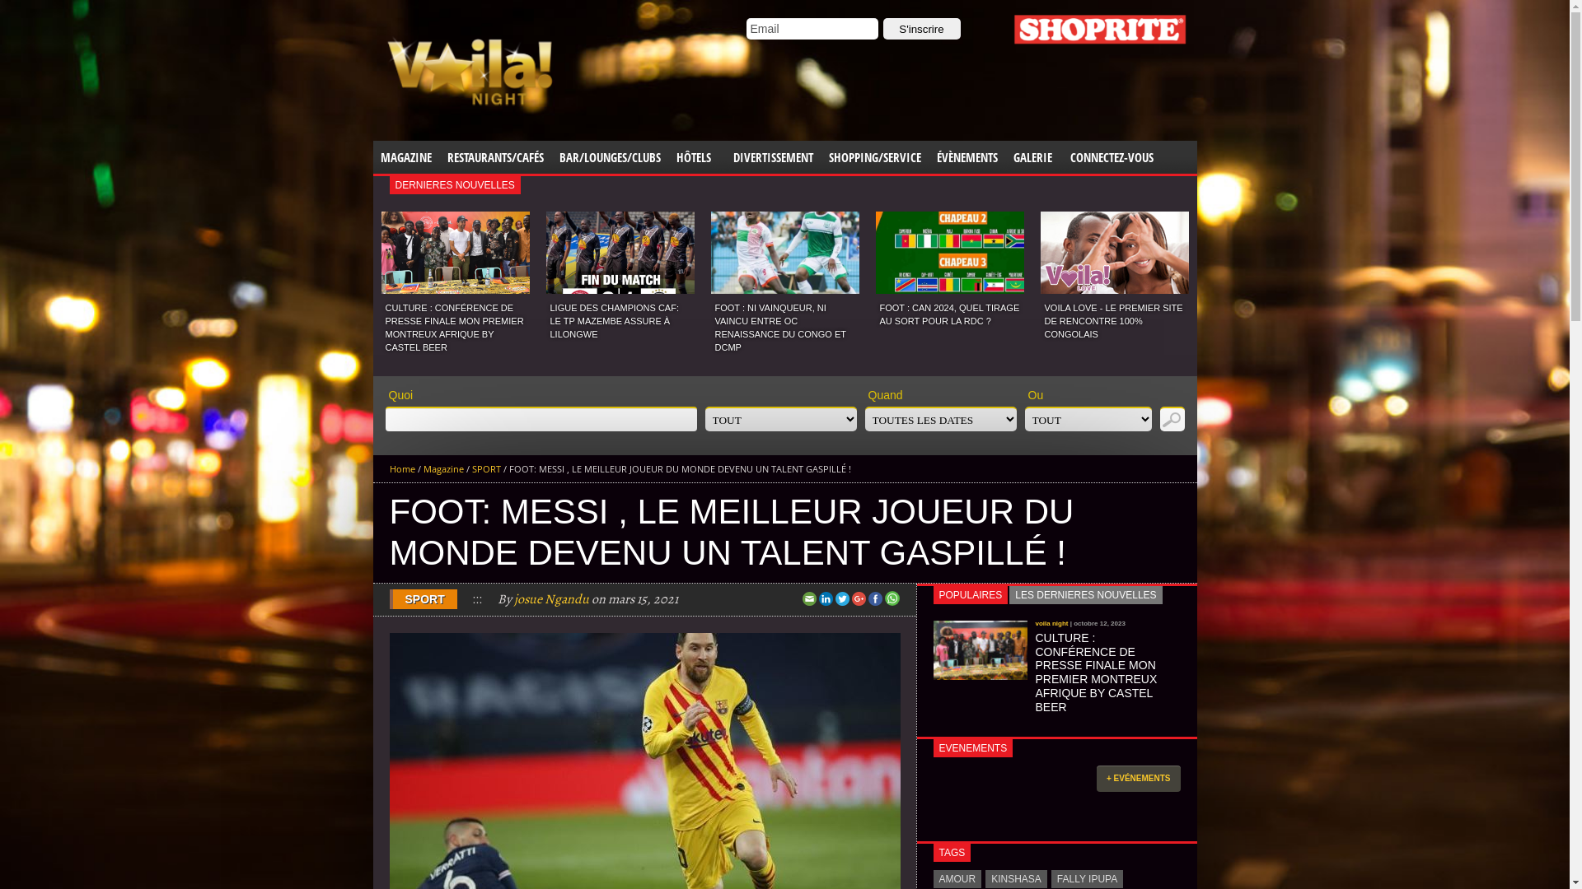  I want to click on 'BAR/LOUNGES/CLUBS', so click(609, 156).